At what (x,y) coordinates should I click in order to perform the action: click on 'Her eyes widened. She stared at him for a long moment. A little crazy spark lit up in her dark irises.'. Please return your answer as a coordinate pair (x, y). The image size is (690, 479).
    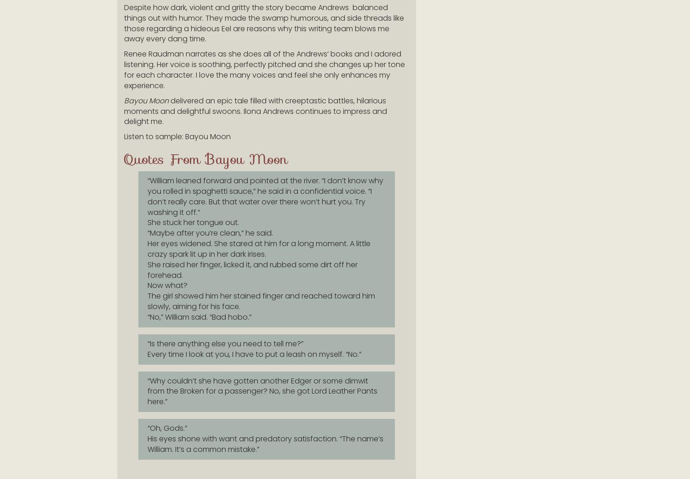
    Looking at the image, I should click on (259, 248).